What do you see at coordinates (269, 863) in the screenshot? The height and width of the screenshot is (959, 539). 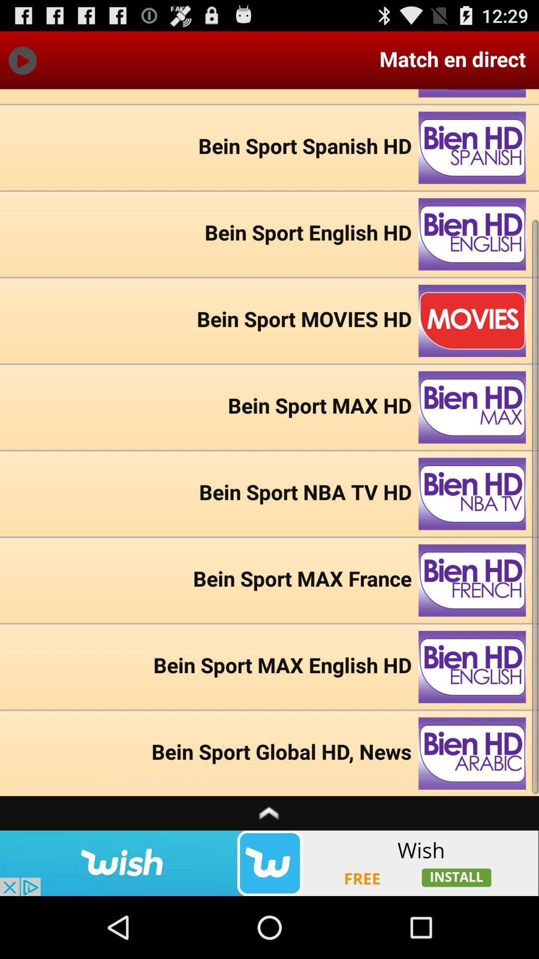 I see `wish` at bounding box center [269, 863].